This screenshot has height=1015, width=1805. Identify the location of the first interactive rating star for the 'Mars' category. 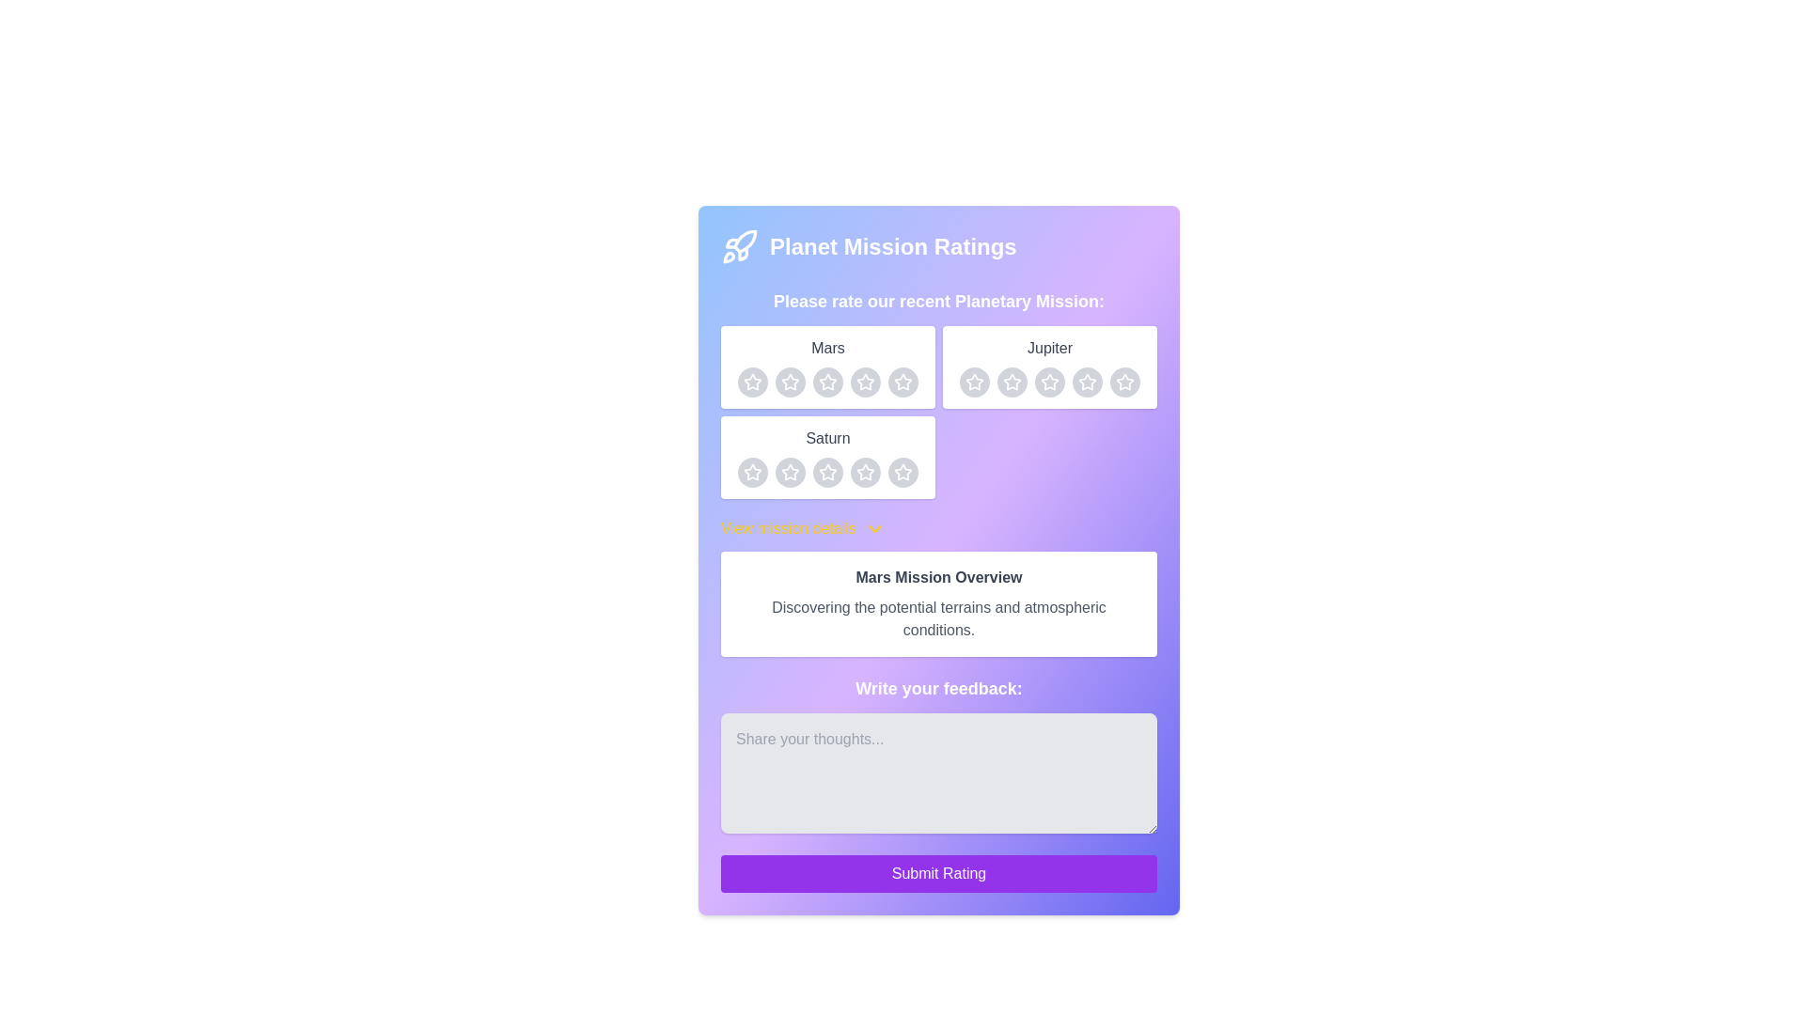
(790, 382).